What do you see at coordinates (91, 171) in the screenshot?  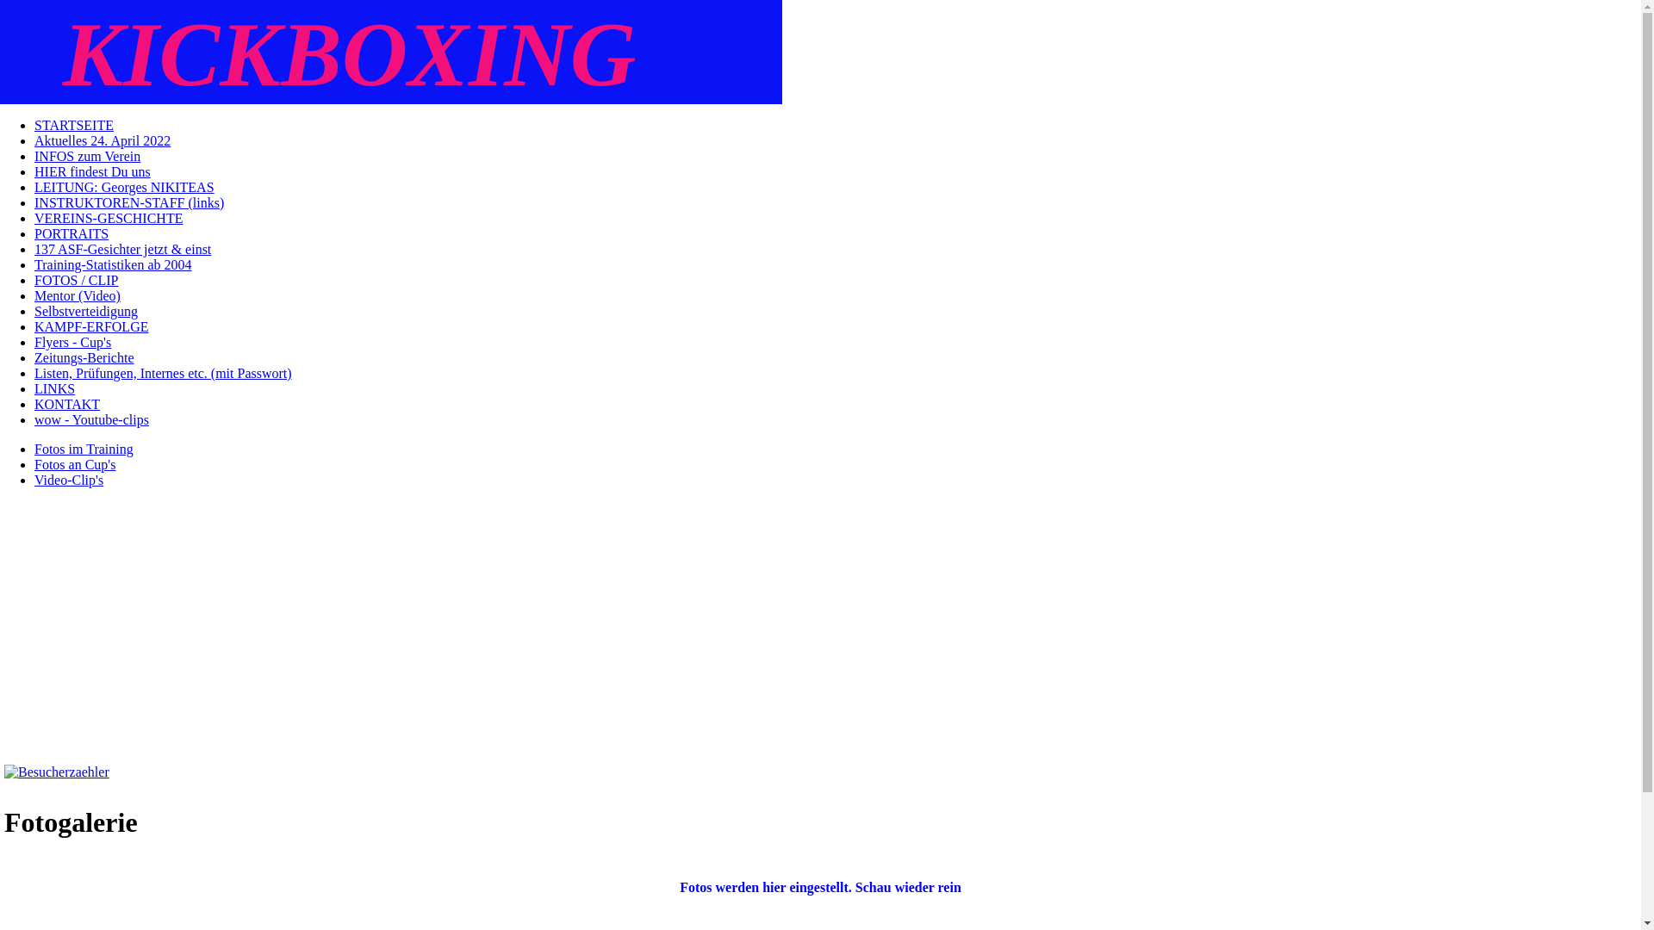 I see `'HIER findest Du uns'` at bounding box center [91, 171].